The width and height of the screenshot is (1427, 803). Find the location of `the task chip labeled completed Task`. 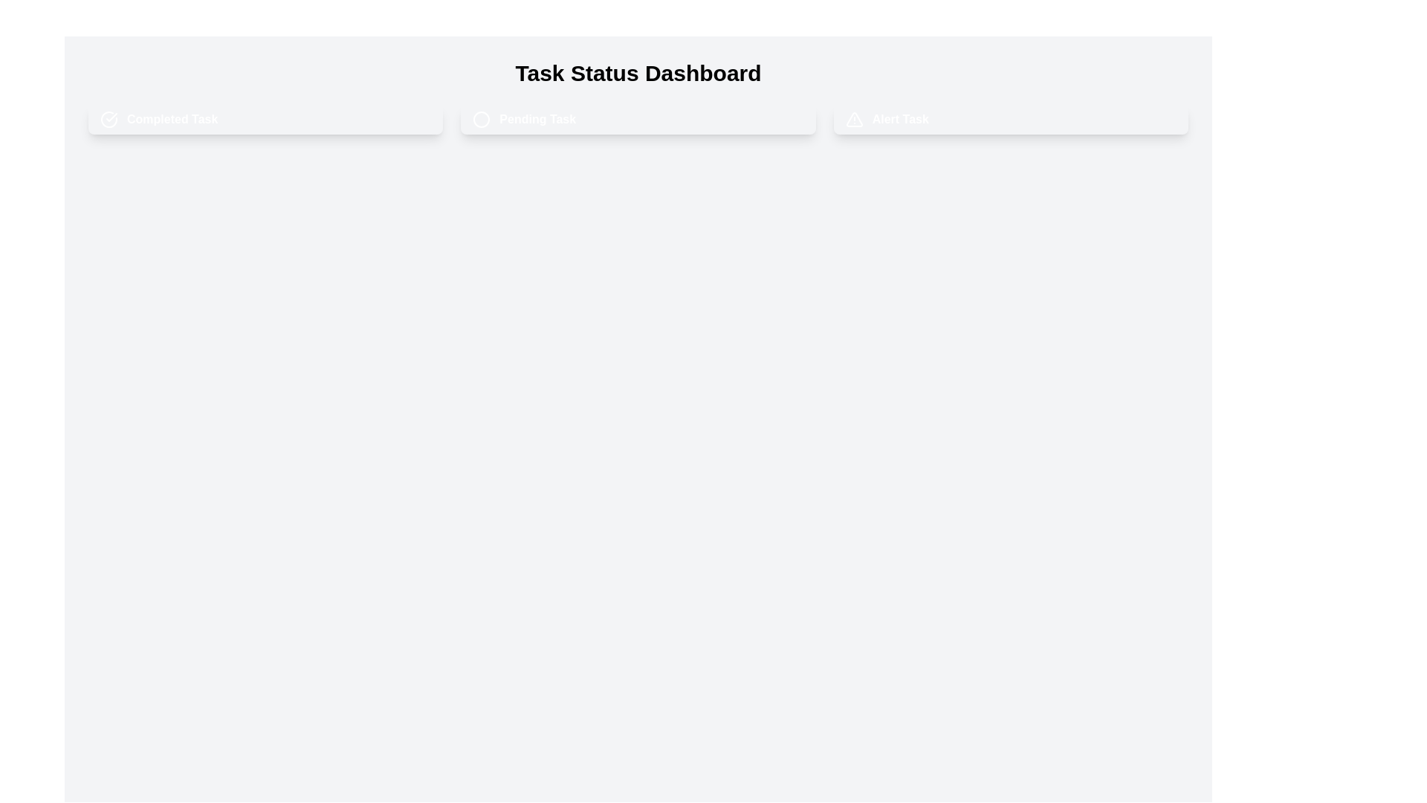

the task chip labeled completed Task is located at coordinates (265, 119).